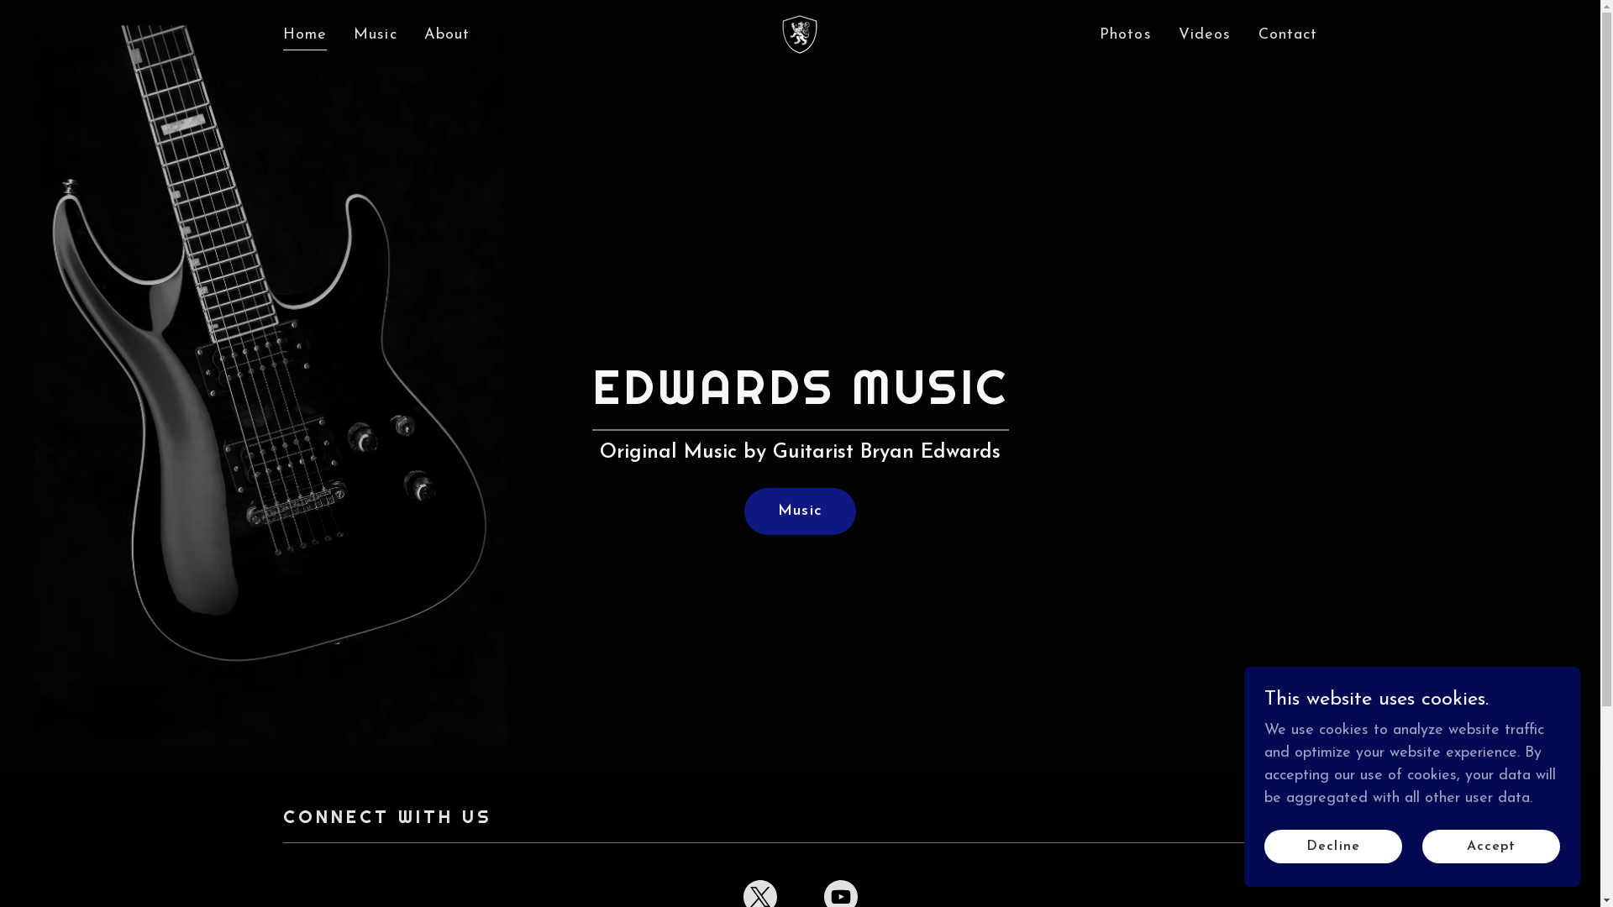 This screenshot has height=907, width=1613. Describe the element at coordinates (1491, 846) in the screenshot. I see `'Accept'` at that location.